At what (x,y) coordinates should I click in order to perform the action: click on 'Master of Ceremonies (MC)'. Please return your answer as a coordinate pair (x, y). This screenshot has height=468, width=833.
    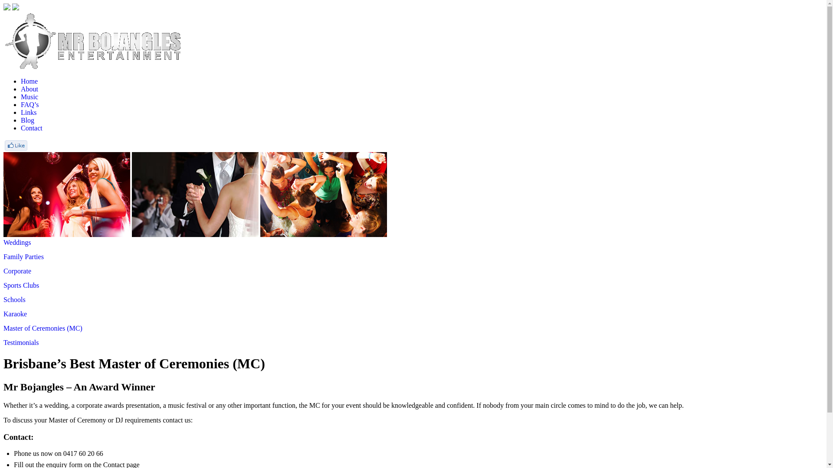
    Looking at the image, I should click on (43, 328).